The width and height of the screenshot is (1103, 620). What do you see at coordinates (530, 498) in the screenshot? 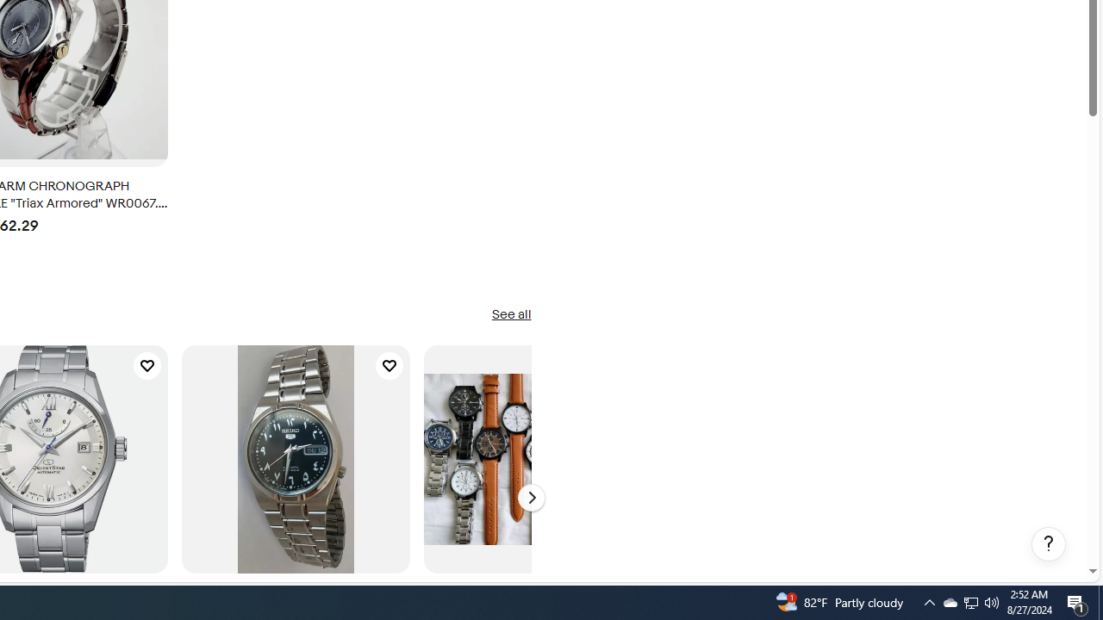
I see `'Go to the next slide, Wristwatches - Carousel'` at bounding box center [530, 498].